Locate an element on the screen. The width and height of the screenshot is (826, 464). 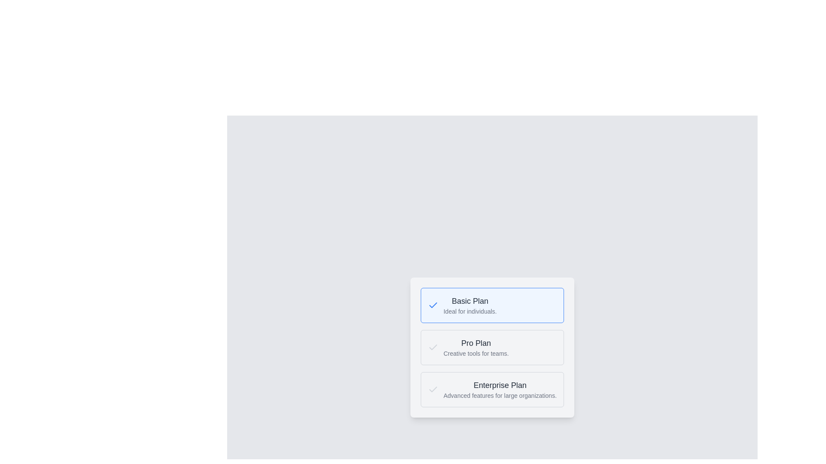
the subscription plan tier is located at coordinates (475, 342).